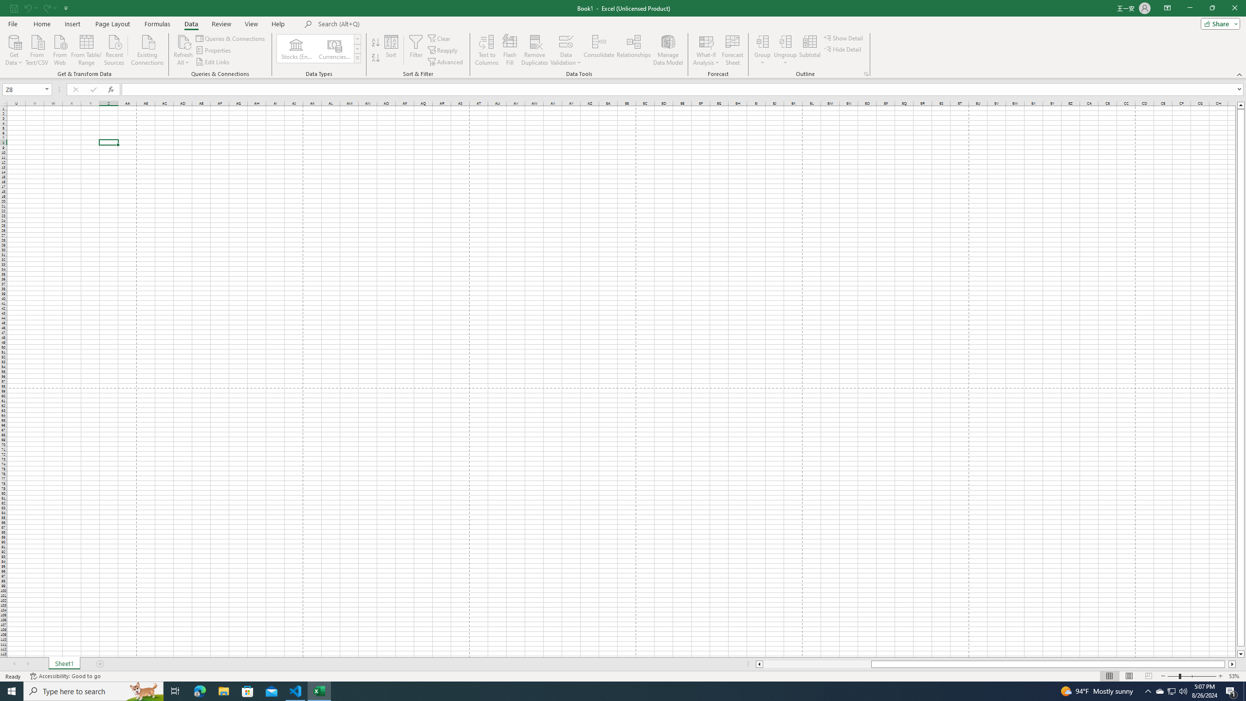 Image resolution: width=1246 pixels, height=701 pixels. I want to click on 'Microsoft search', so click(385, 24).